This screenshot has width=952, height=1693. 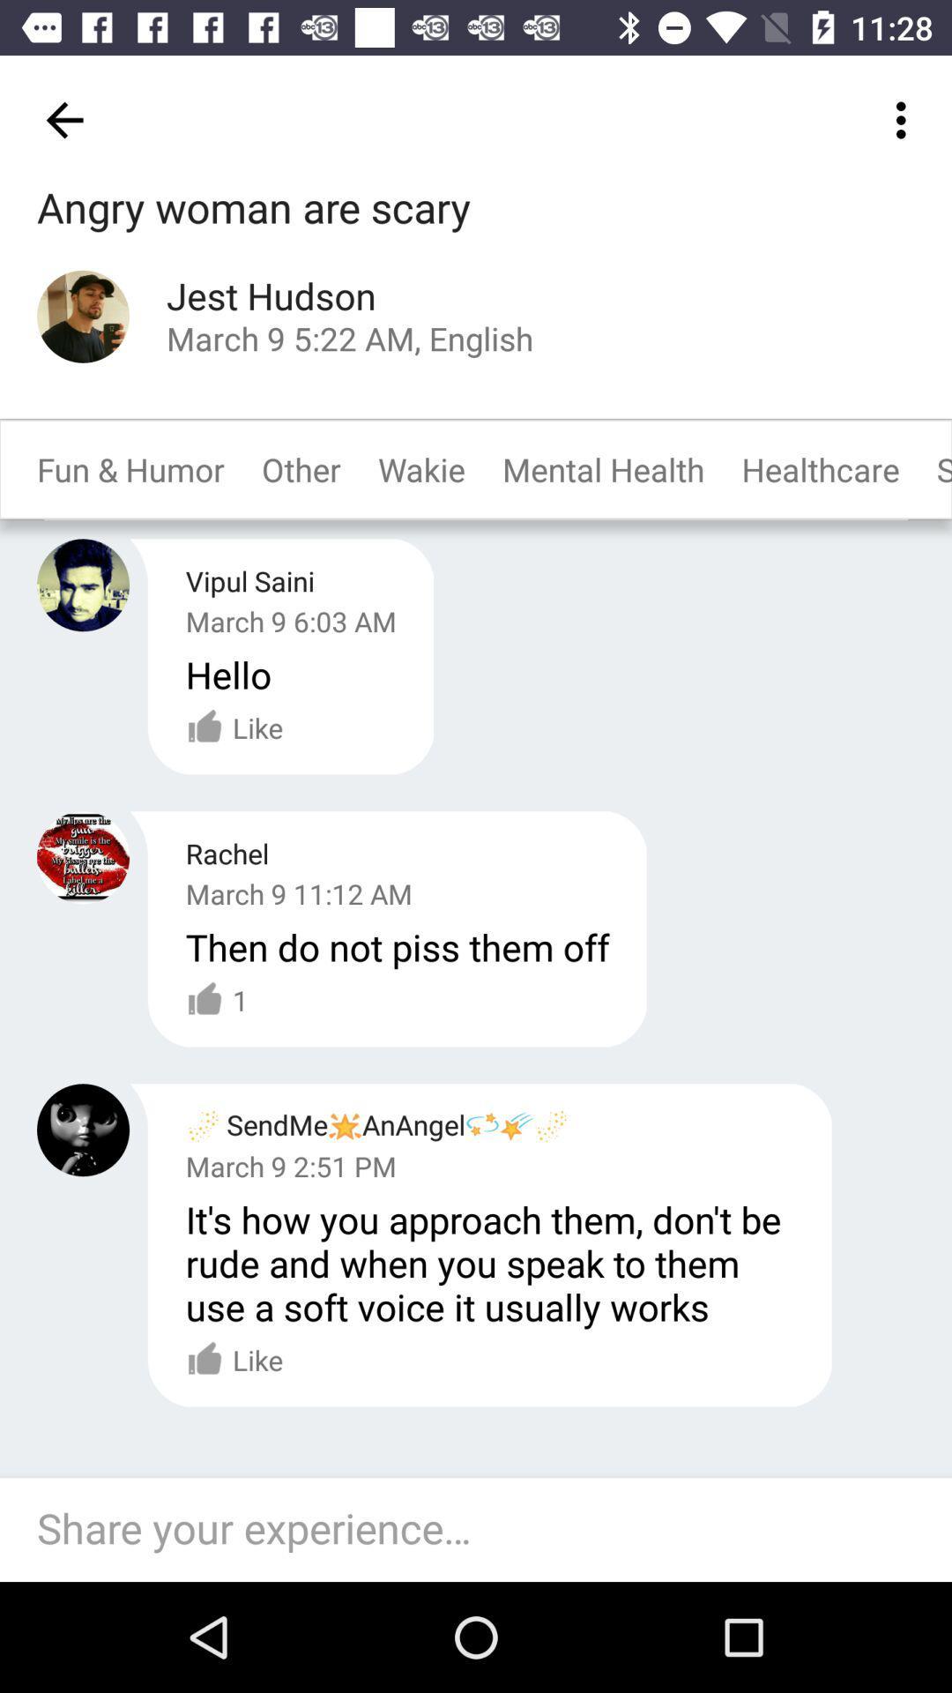 What do you see at coordinates (63, 119) in the screenshot?
I see `icon above angry woman are` at bounding box center [63, 119].